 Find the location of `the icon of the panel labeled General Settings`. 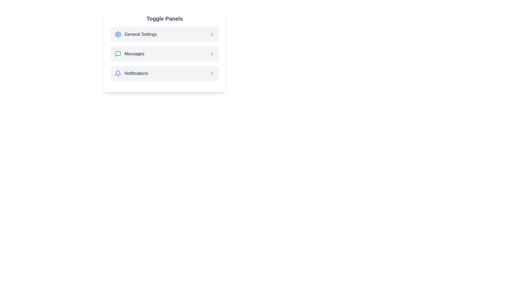

the icon of the panel labeled General Settings is located at coordinates (118, 34).